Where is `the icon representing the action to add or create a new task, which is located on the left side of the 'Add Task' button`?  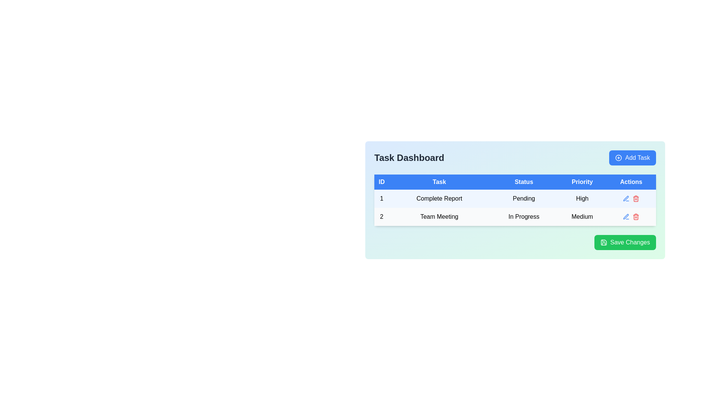
the icon representing the action to add or create a new task, which is located on the left side of the 'Add Task' button is located at coordinates (619, 157).